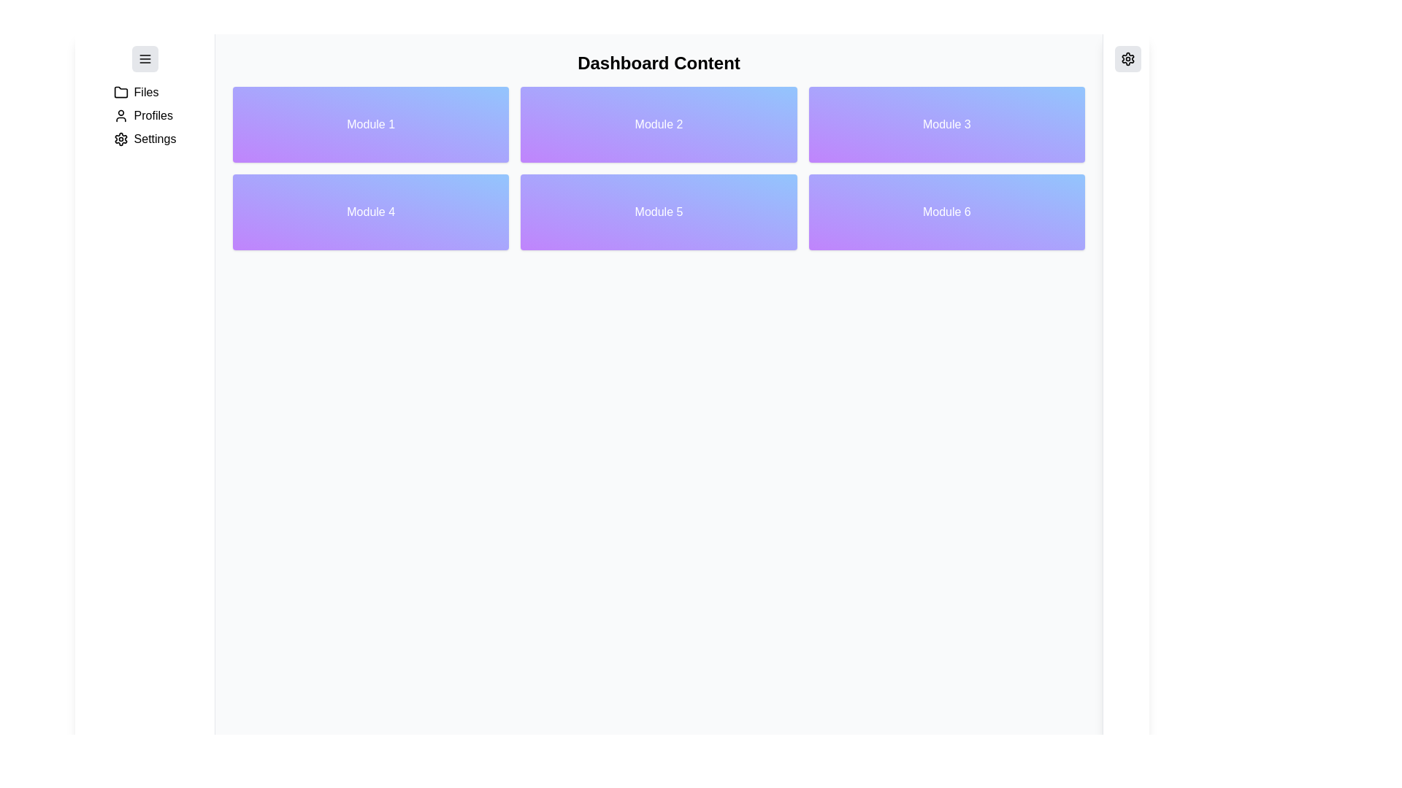 This screenshot has height=788, width=1402. I want to click on the folder icon located in the left sidebar, which is the first icon above the 'Profiles' icon, so click(120, 92).